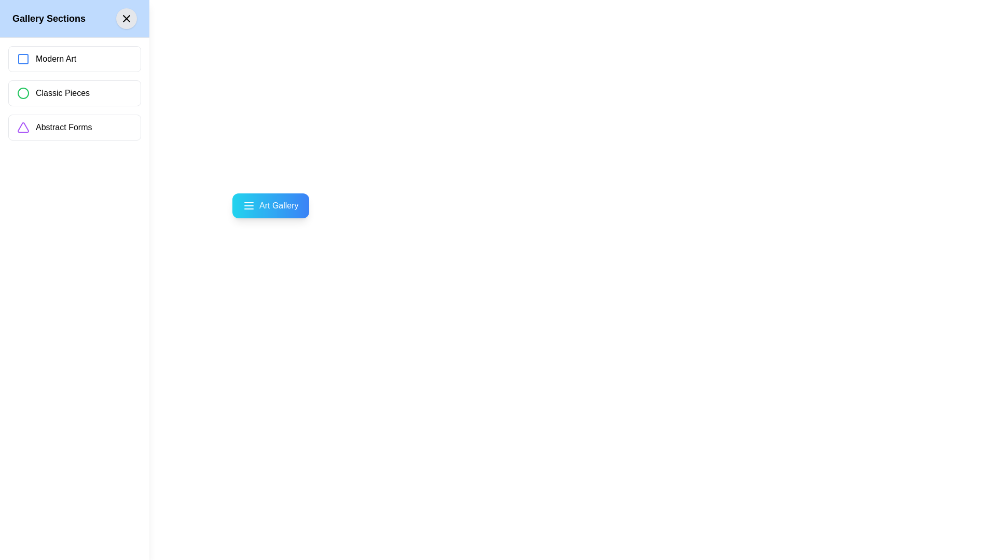  What do you see at coordinates (74, 93) in the screenshot?
I see `the gallery section Classic Pieces by clicking on its respective button` at bounding box center [74, 93].